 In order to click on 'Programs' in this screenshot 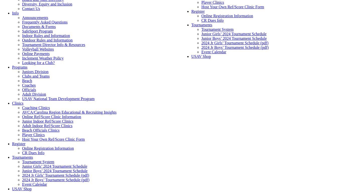, I will do `click(20, 67)`.